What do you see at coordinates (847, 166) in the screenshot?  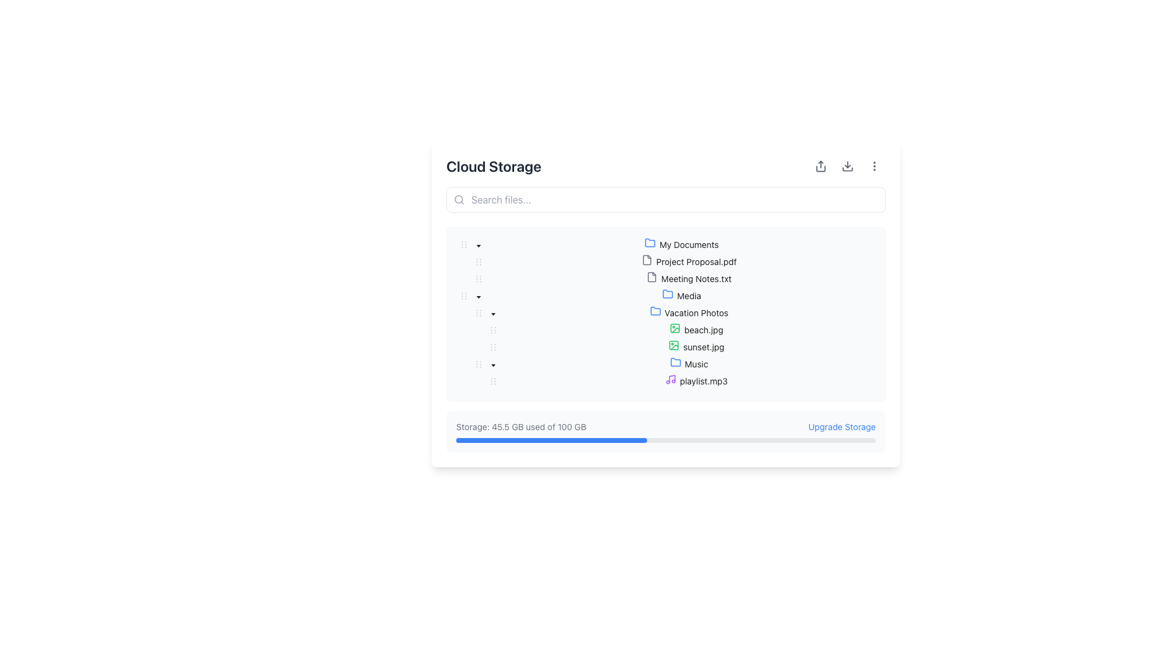 I see `the downward arrow icon located in the top-right corner of the interface, which is the second icon from the left in a group of three icons` at bounding box center [847, 166].